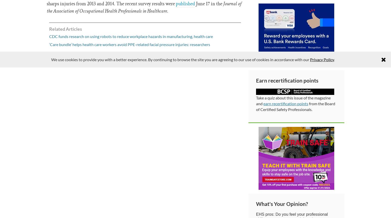 The width and height of the screenshot is (391, 218). I want to click on '‘Care bundle’ helps health care workers avoid PPE-related facial pressure injuries: researchers', so click(129, 44).